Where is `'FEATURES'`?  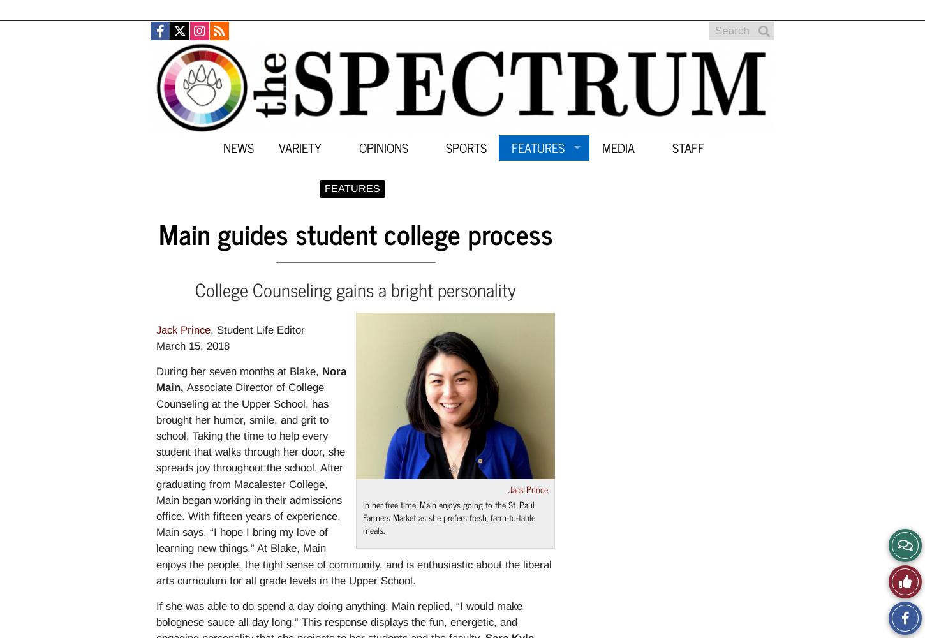 'FEATURES' is located at coordinates (352, 188).